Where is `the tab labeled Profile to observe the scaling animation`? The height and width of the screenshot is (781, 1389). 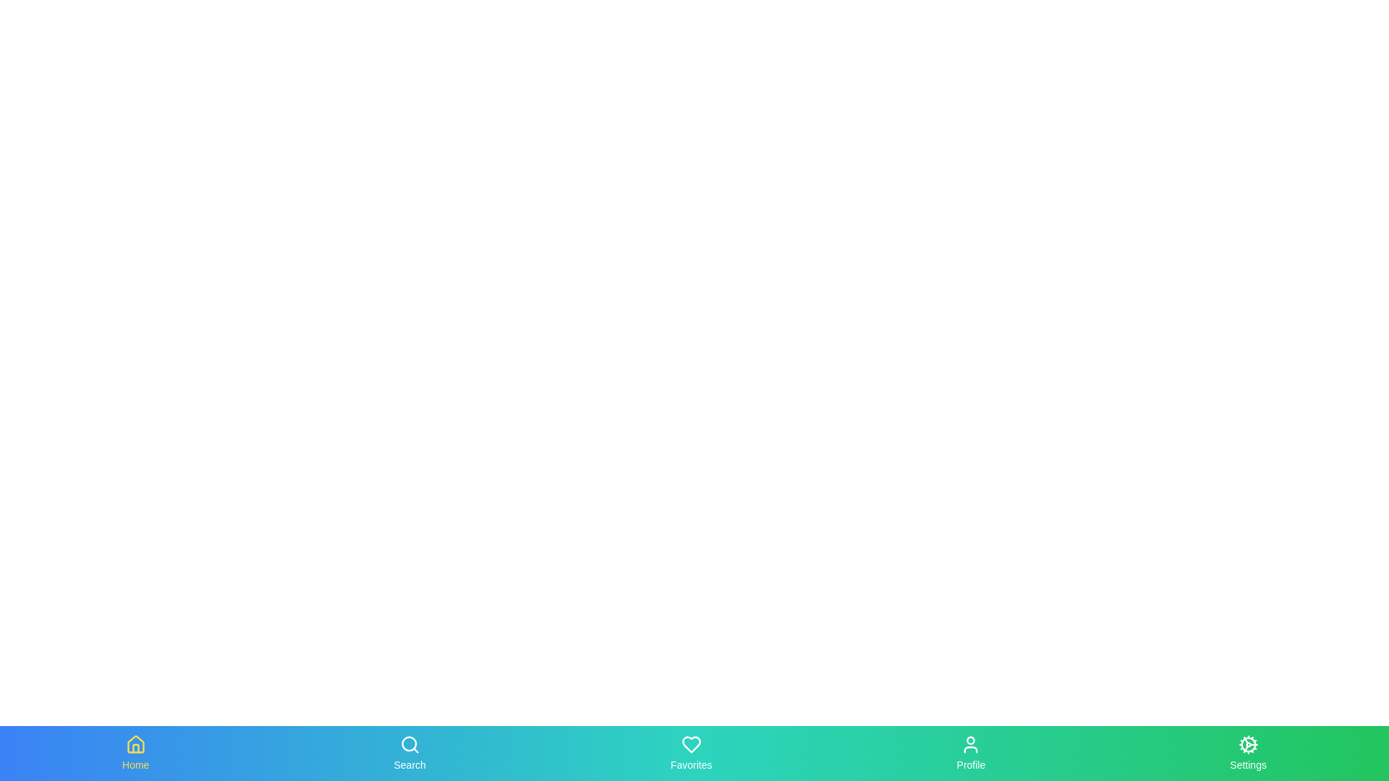
the tab labeled Profile to observe the scaling animation is located at coordinates (971, 752).